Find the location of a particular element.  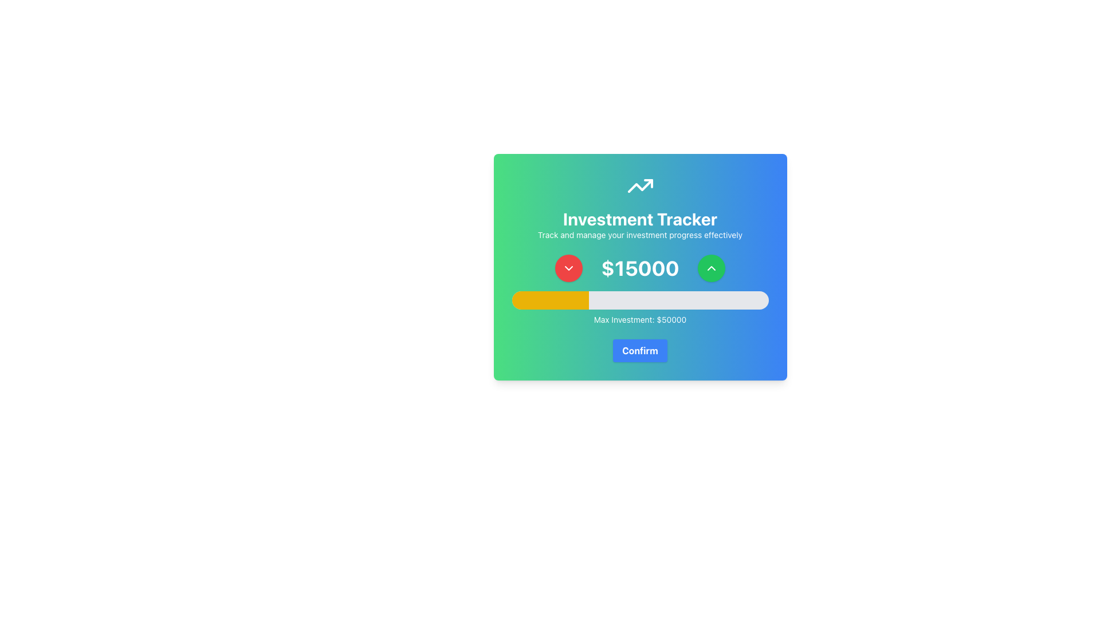

the downward-facing chevron icon within the circular red button located to the left of the '$15000' numeric display is located at coordinates (569, 268).